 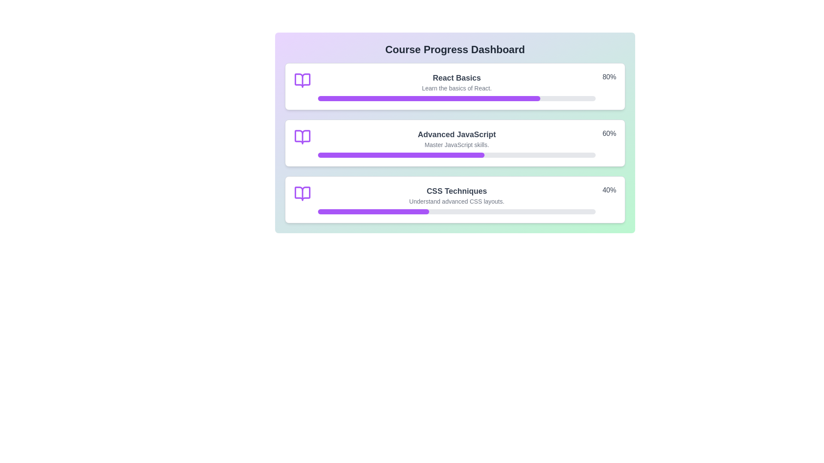 What do you see at coordinates (454, 143) in the screenshot?
I see `the progress bar within the vertical hierarchical list of the 'Course Progress Dashboard' to view detailed information about course advancements` at bounding box center [454, 143].